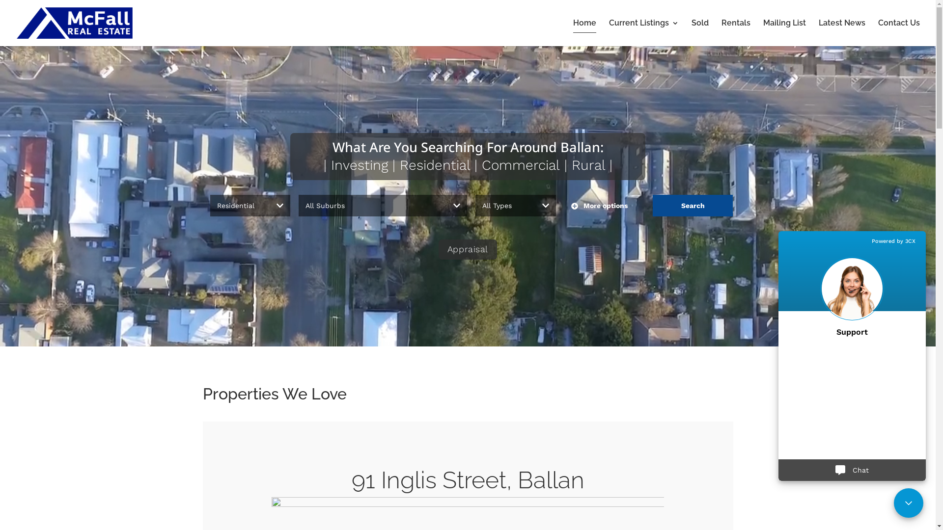 The height and width of the screenshot is (530, 943). Describe the element at coordinates (691, 32) in the screenshot. I see `'Sold'` at that location.